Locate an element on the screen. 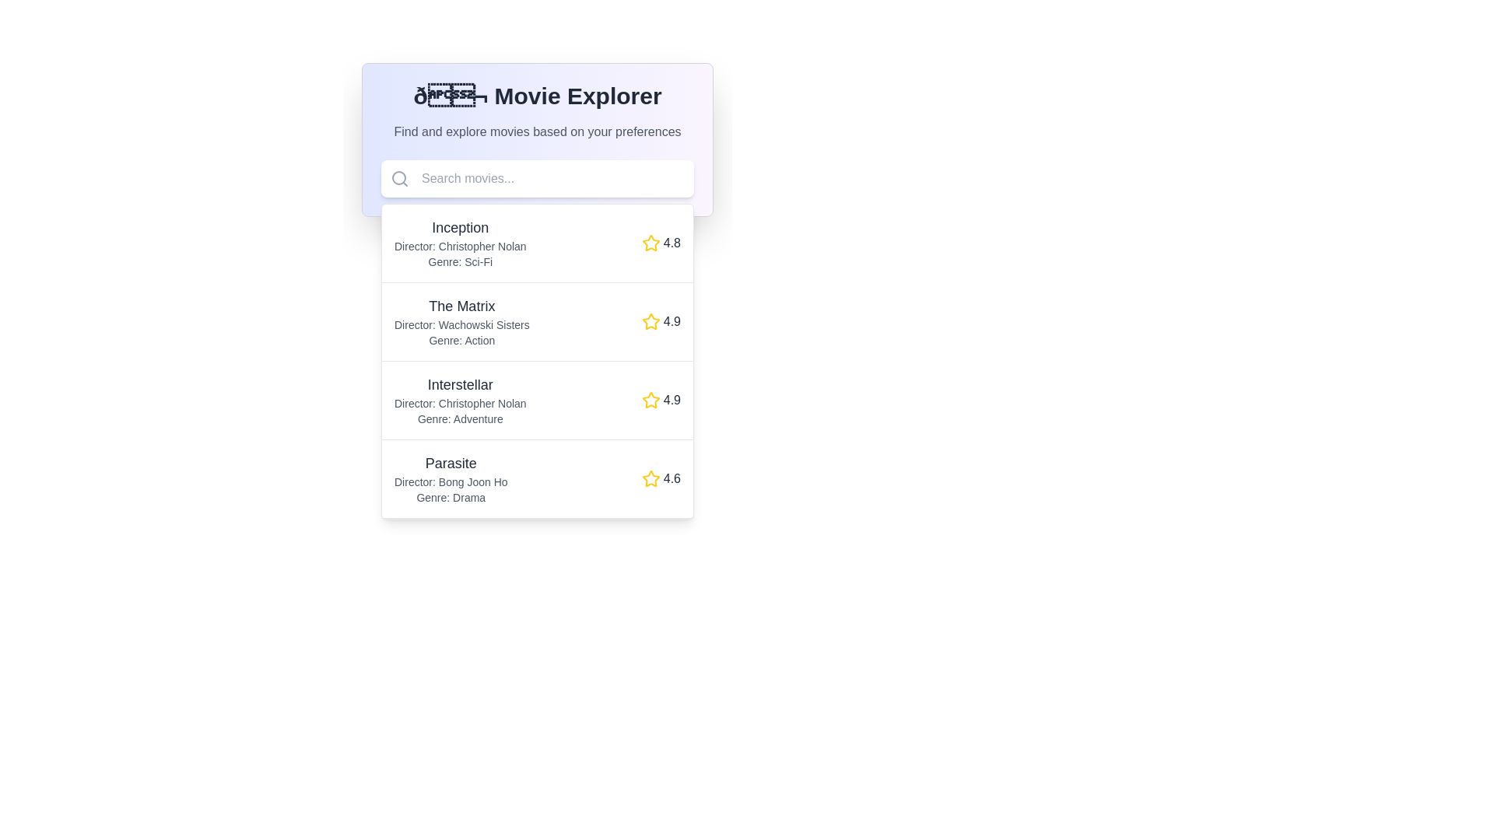 This screenshot has width=1494, height=840. displayed rating from the rating component, which consists of a yellow star icon and the text '4.6' next to it, located at the center of the last component of the fourth listed movie entry 'Parasite' is located at coordinates (661, 478).